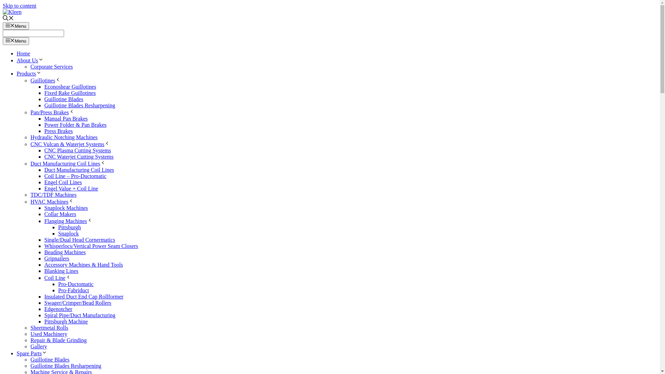 This screenshot has height=374, width=665. Describe the element at coordinates (75, 125) in the screenshot. I see `'Power Folder & Pan Brakes'` at that location.